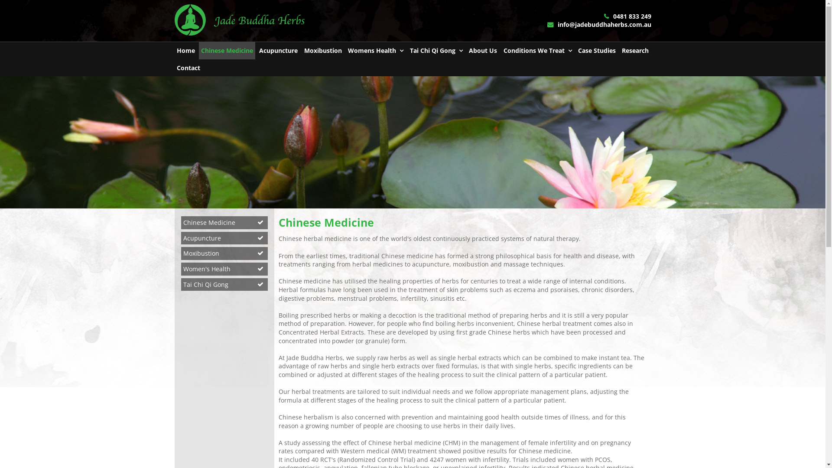  Describe the element at coordinates (482, 50) in the screenshot. I see `'About Us'` at that location.